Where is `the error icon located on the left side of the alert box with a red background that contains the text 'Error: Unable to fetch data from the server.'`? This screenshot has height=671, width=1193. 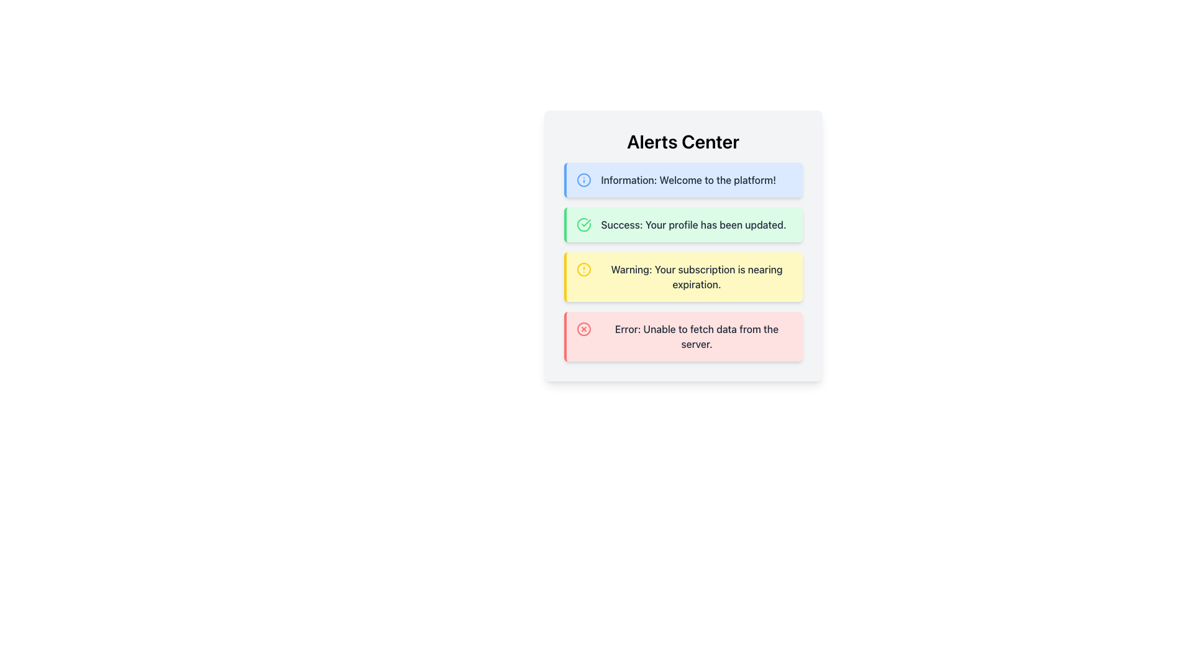 the error icon located on the left side of the alert box with a red background that contains the text 'Error: Unable to fetch data from the server.' is located at coordinates (583, 328).